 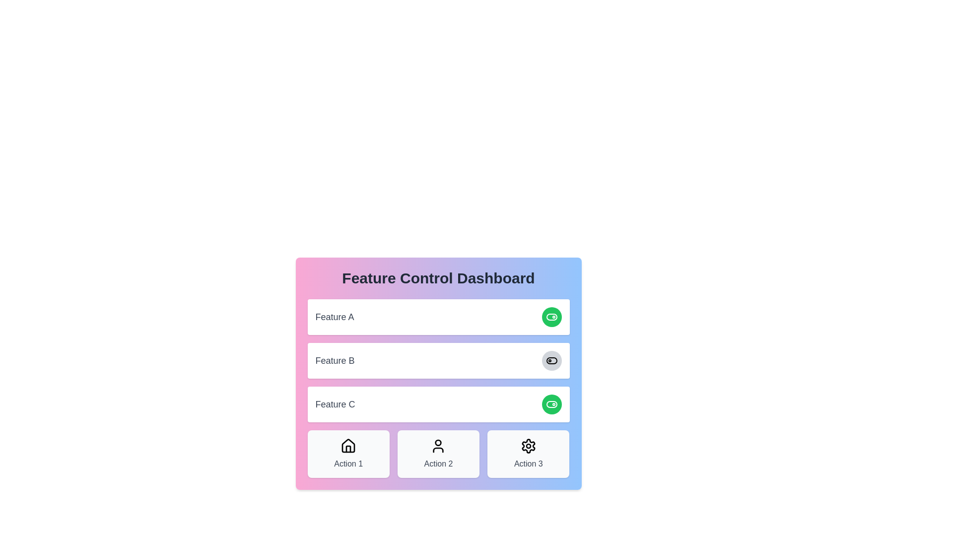 What do you see at coordinates (551, 360) in the screenshot?
I see `the rounded toggle switch with a gray background and black icon located to the right of the text 'Feature B' to change its state` at bounding box center [551, 360].